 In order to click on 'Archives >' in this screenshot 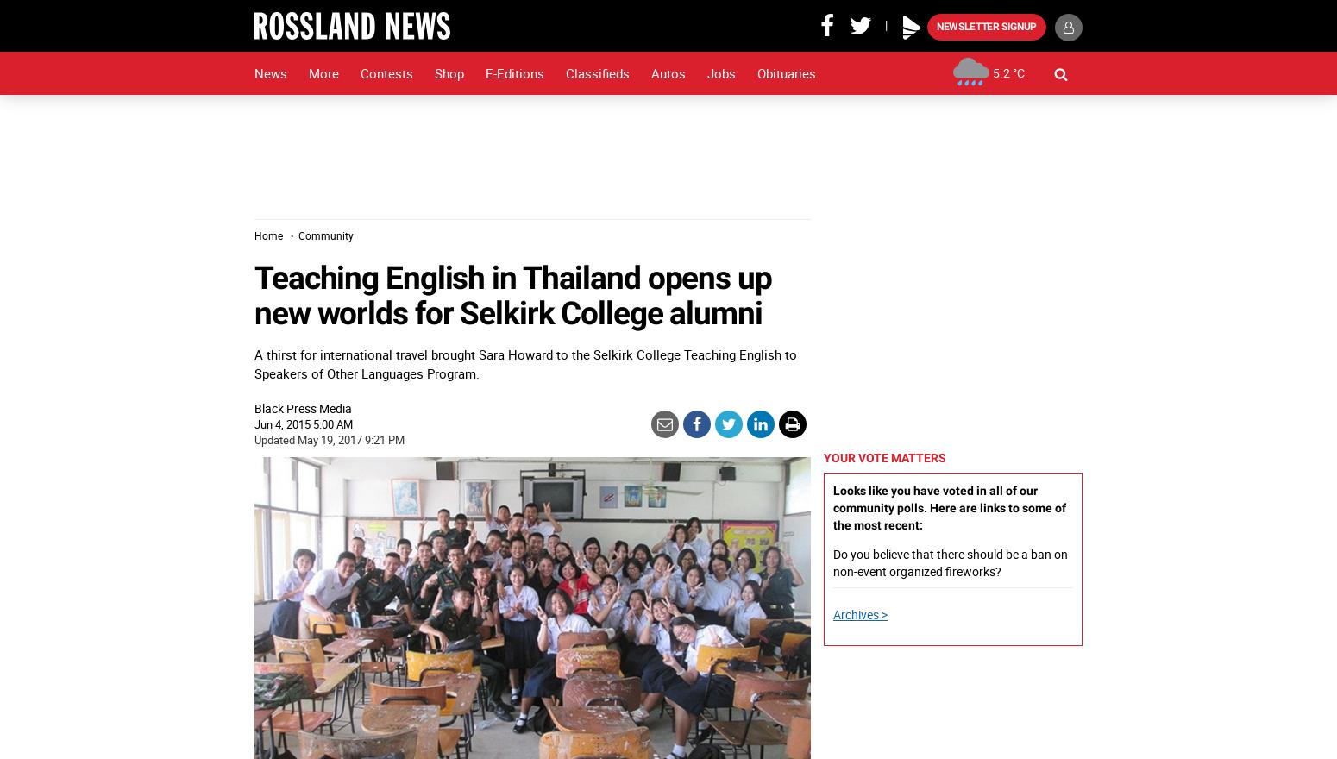, I will do `click(832, 614)`.